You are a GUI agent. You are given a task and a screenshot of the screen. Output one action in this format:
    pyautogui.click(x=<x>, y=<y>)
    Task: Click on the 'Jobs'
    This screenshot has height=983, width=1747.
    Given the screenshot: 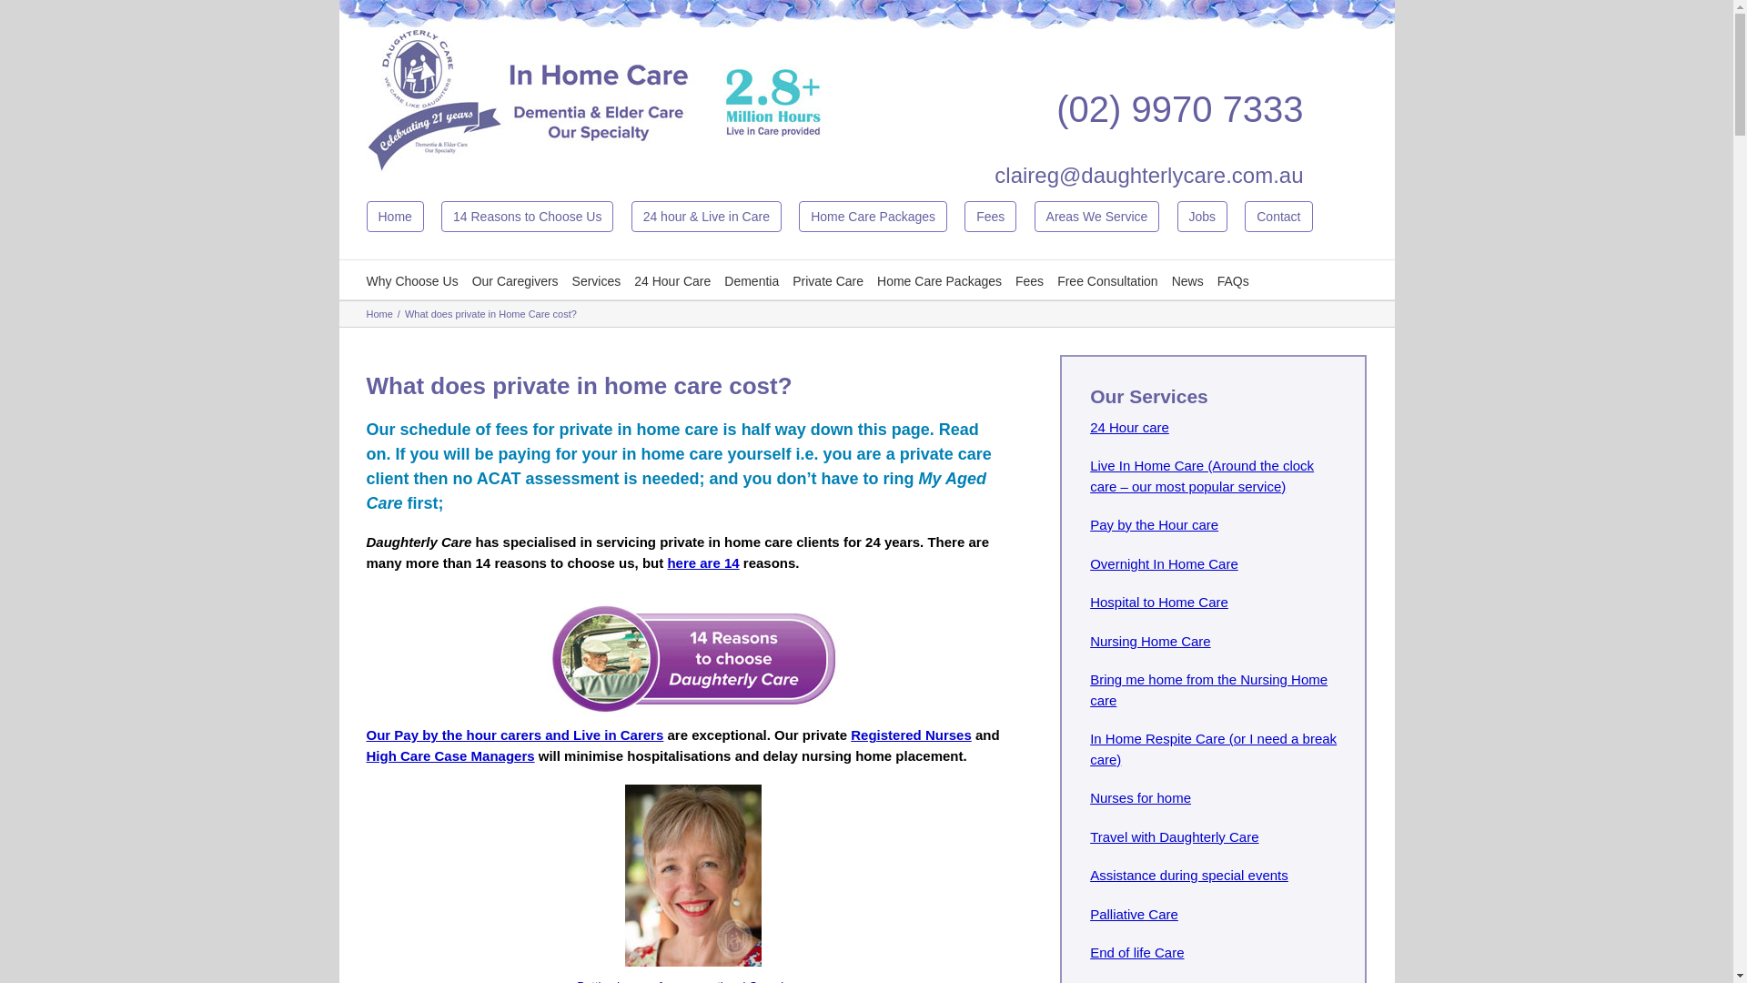 What is the action you would take?
    pyautogui.click(x=1209, y=214)
    